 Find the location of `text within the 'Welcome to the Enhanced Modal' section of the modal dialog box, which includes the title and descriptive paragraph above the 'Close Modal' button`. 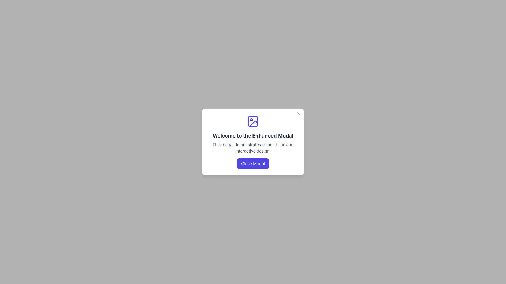

text within the 'Welcome to the Enhanced Modal' section of the modal dialog box, which includes the title and descriptive paragraph above the 'Close Modal' button is located at coordinates (253, 142).